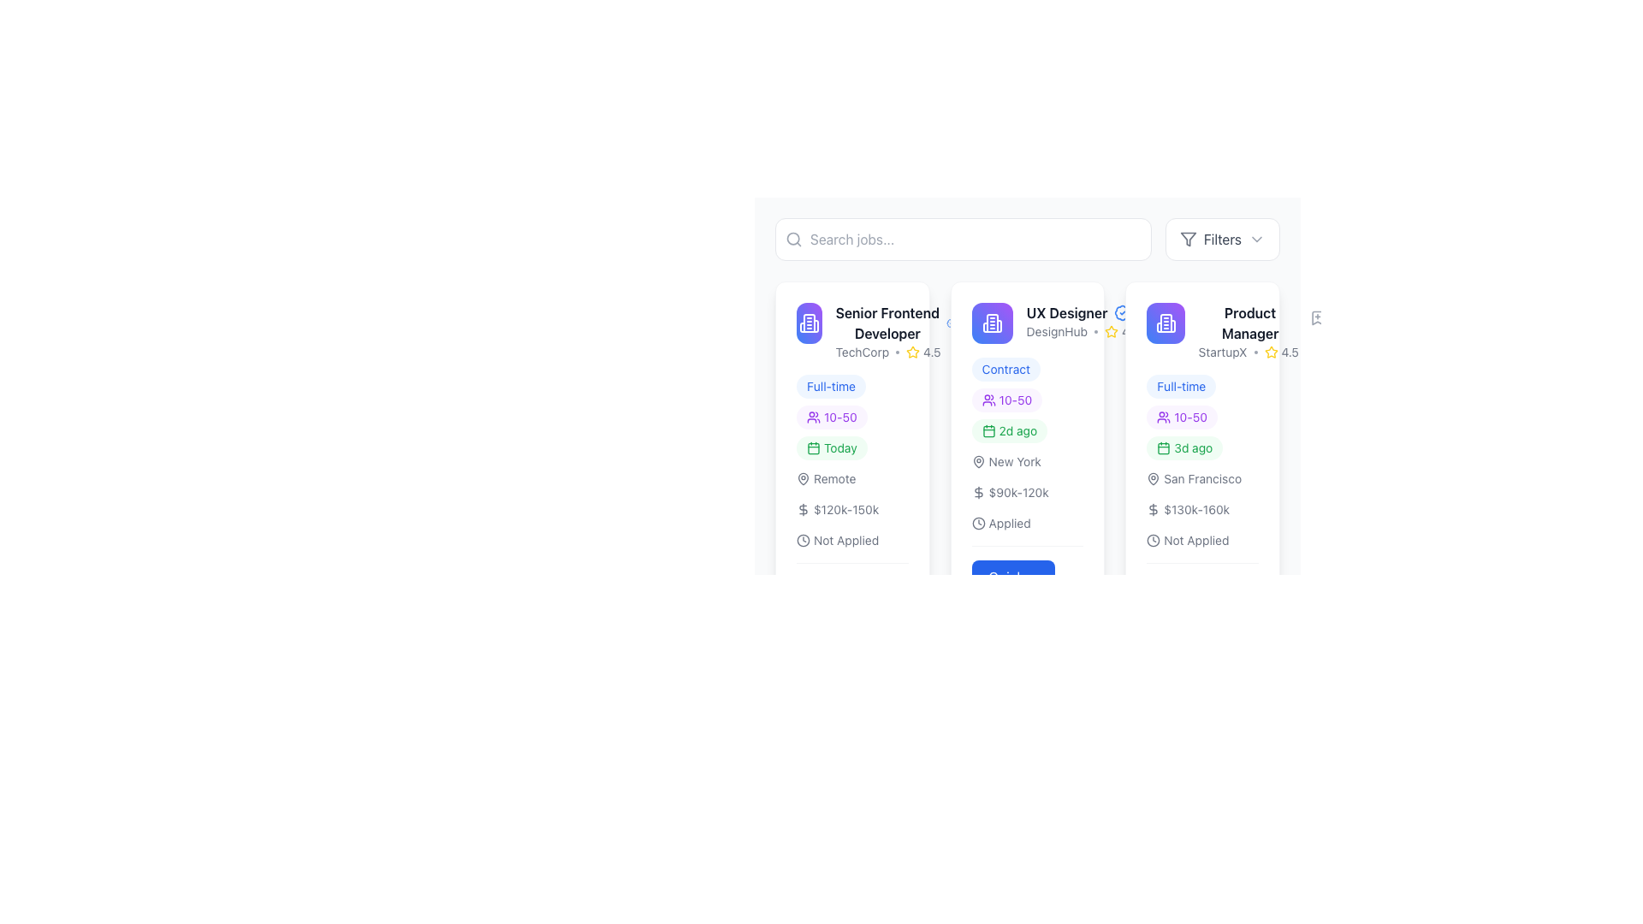 The height and width of the screenshot is (924, 1643). I want to click on the 'UX Designer' text and icon grouping at the top of the card layout in the middle column of the job listing interface, so click(1054, 323).